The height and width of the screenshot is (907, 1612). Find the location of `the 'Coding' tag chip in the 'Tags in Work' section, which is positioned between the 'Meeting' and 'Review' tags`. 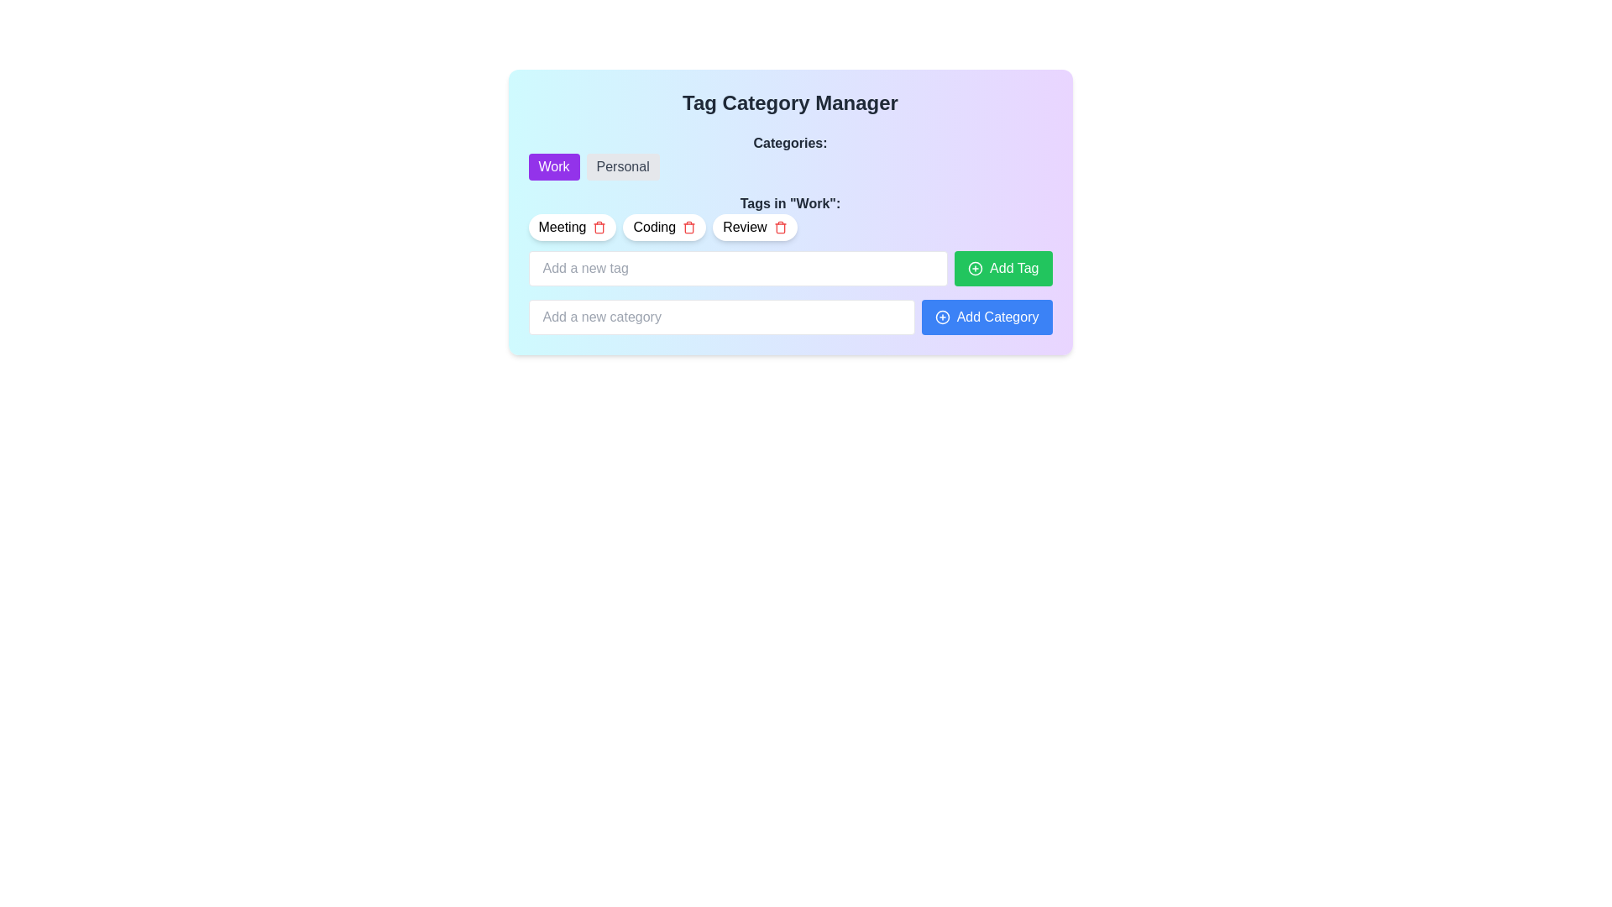

the 'Coding' tag chip in the 'Tags in Work' section, which is positioned between the 'Meeting' and 'Review' tags is located at coordinates (663, 227).